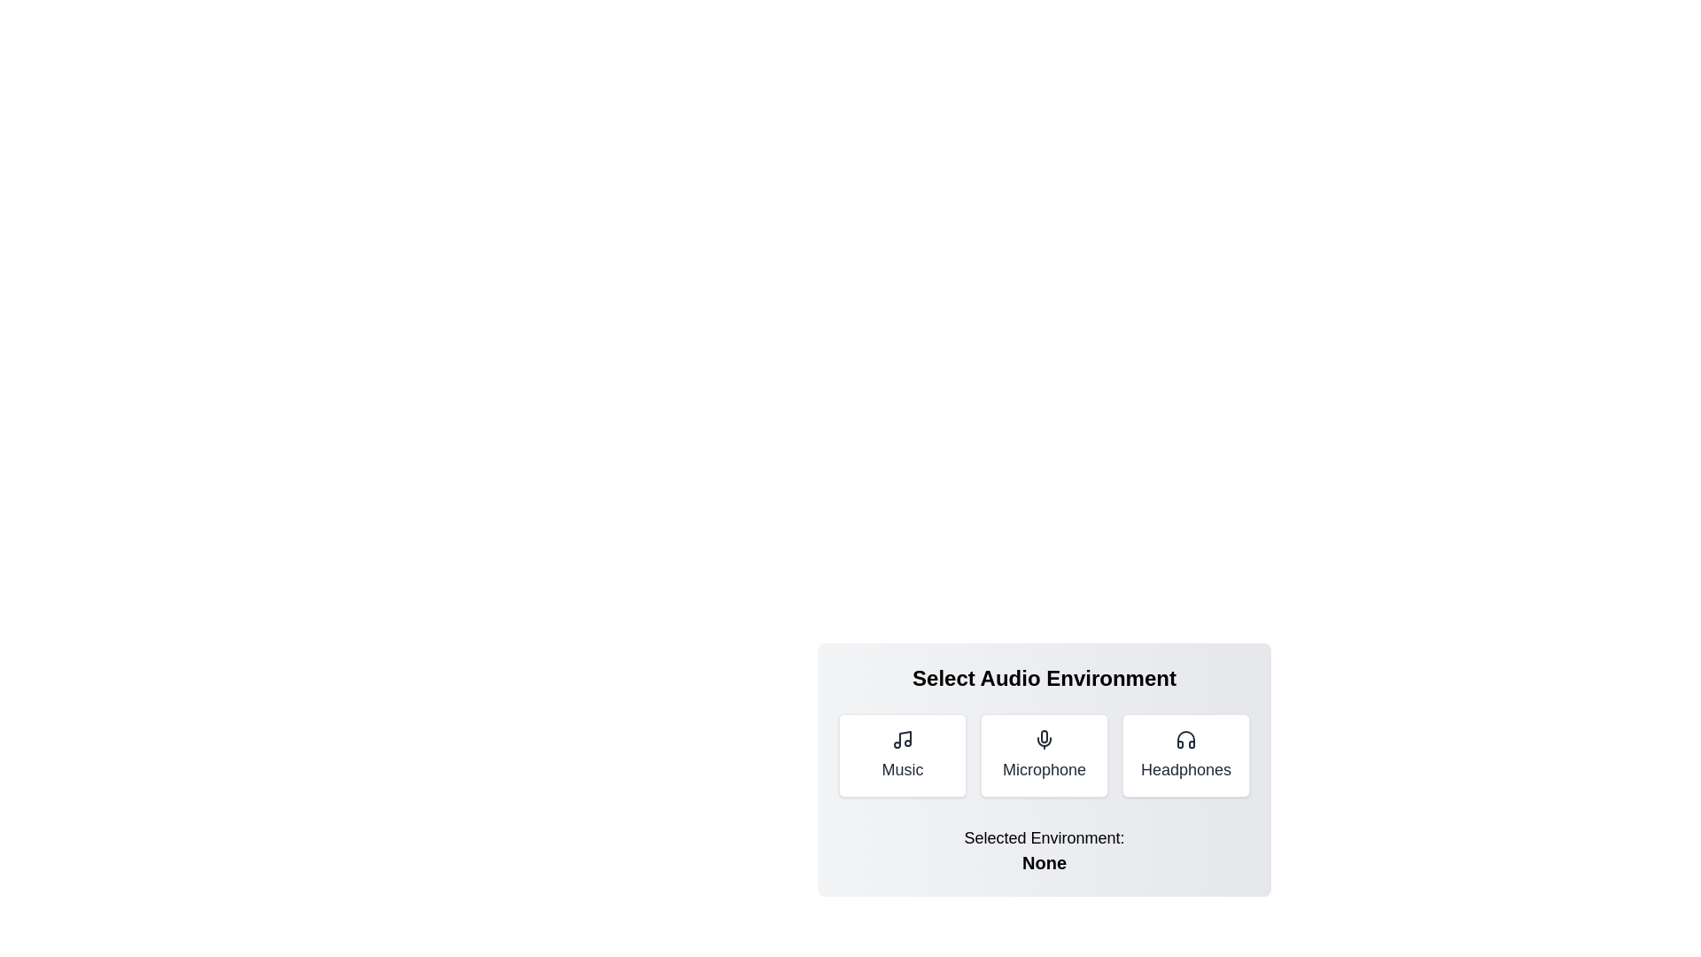 This screenshot has height=957, width=1701. Describe the element at coordinates (1045, 862) in the screenshot. I see `the text label displaying 'None' that is bold and black, located below the label 'Selected Environment:' in the UI` at that location.